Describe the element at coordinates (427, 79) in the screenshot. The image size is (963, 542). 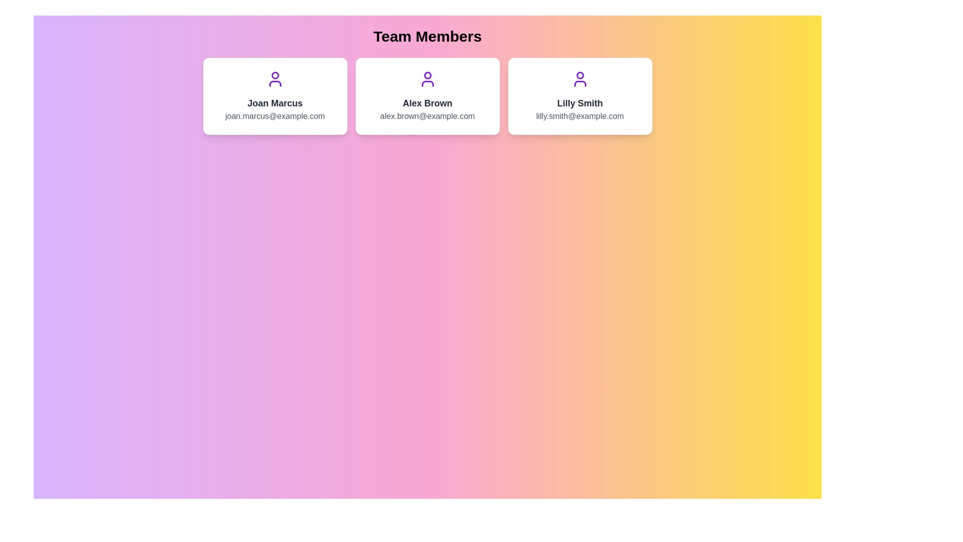
I see `the user profile icon for Alex Brown, which is located at the top of the card labeled 'Alex Brown'` at that location.